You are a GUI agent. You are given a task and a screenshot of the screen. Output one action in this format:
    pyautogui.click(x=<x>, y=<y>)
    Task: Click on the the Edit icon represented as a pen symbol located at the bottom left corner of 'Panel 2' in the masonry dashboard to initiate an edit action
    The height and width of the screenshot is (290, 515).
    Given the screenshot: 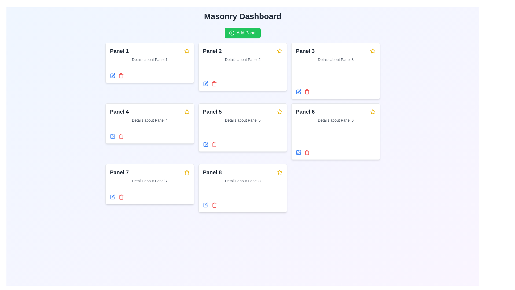 What is the action you would take?
    pyautogui.click(x=206, y=83)
    